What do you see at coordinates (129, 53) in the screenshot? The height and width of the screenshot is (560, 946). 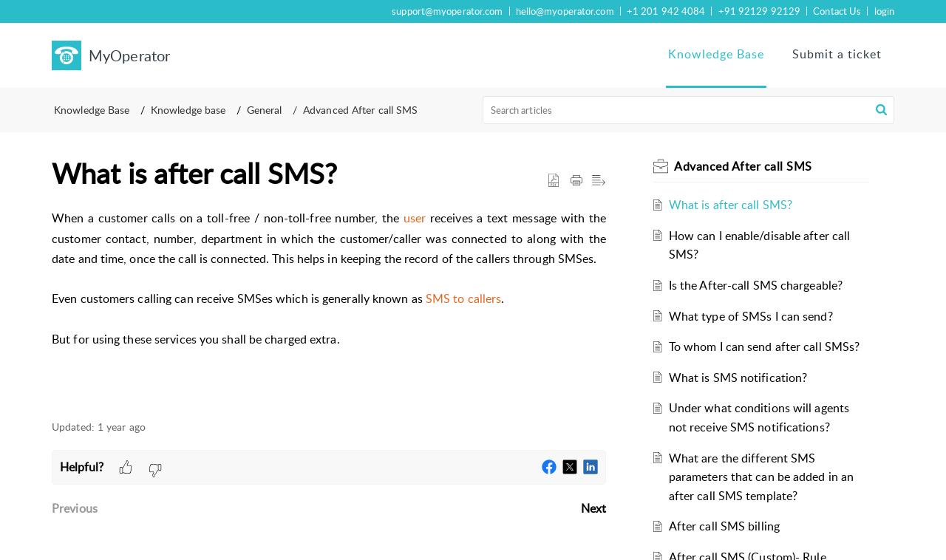 I see `'MyOperator'` at bounding box center [129, 53].